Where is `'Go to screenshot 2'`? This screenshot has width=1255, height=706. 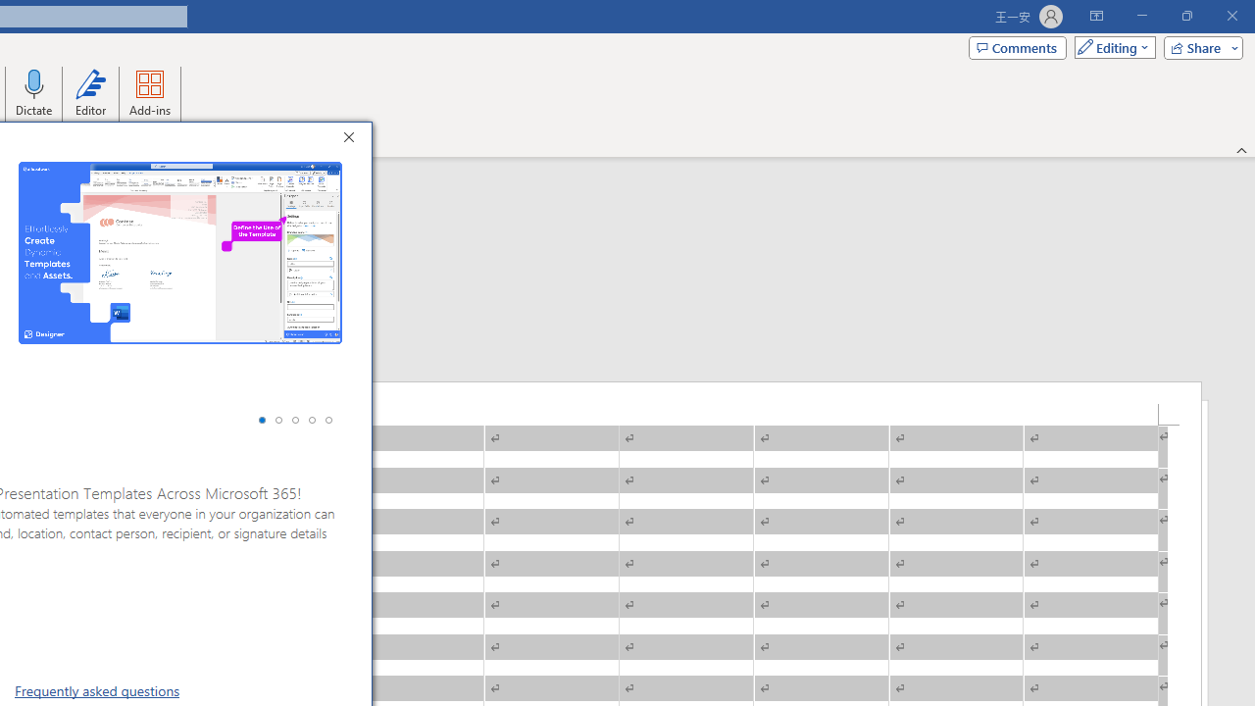
'Go to screenshot 2' is located at coordinates (277, 419).